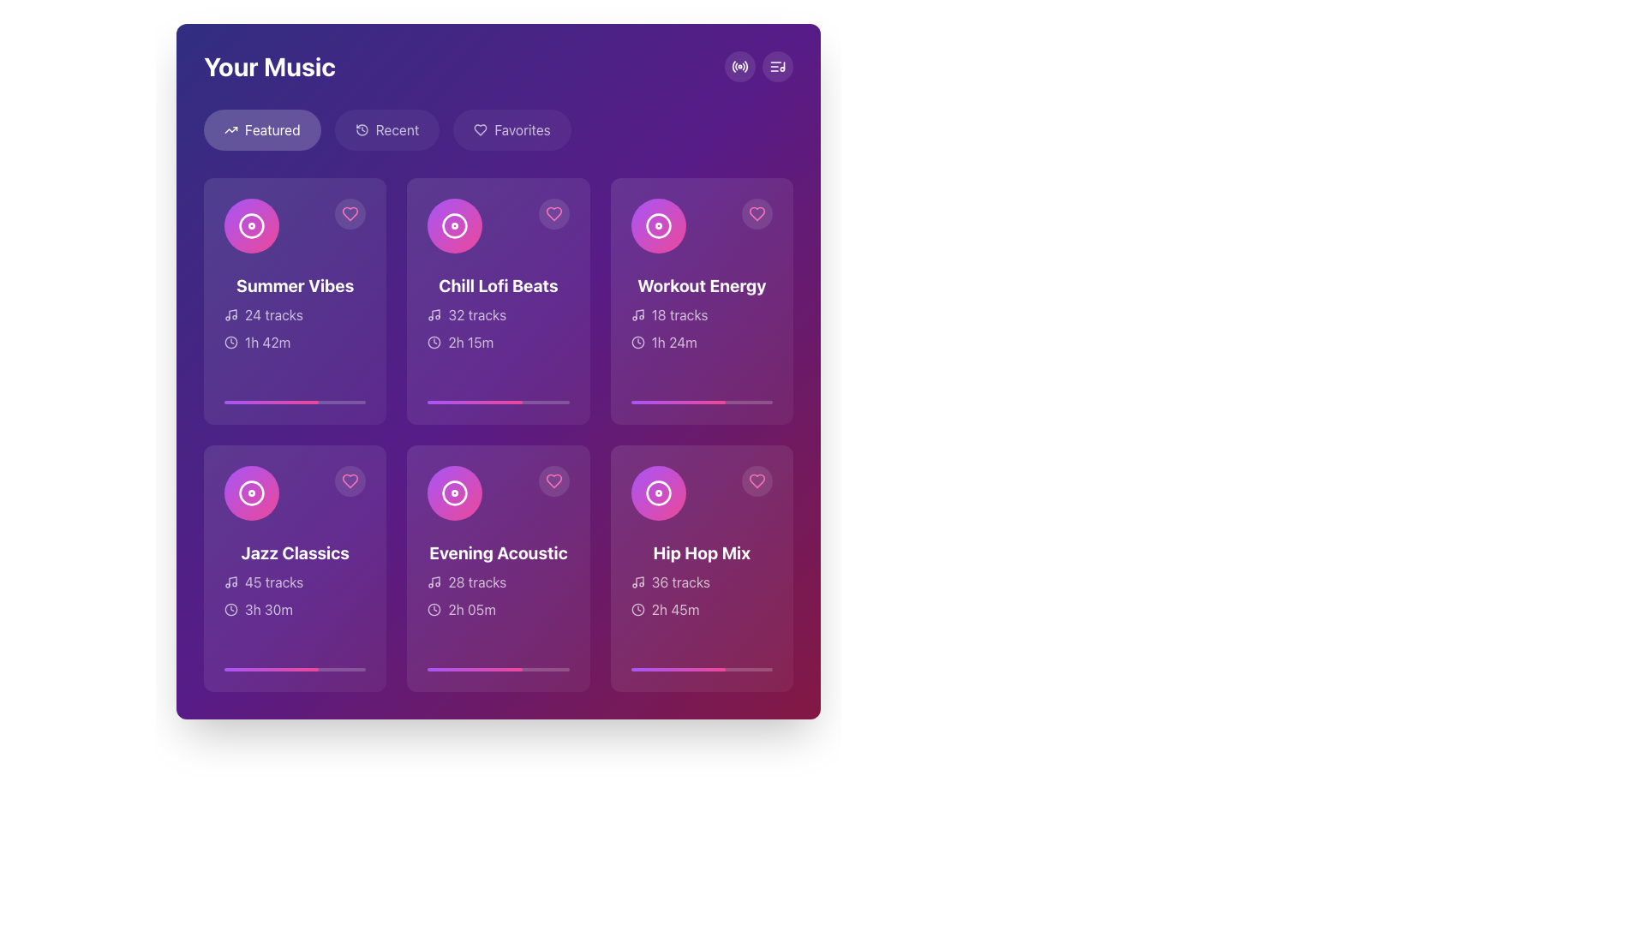 The height and width of the screenshot is (925, 1645). What do you see at coordinates (497, 580) in the screenshot?
I see `the text block displaying metadata about the 'Evening Acoustic' playlist for accessibility` at bounding box center [497, 580].